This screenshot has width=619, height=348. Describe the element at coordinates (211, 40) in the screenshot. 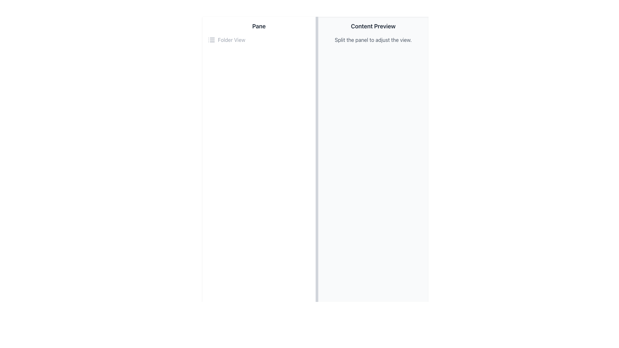

I see `the 'Folder View' icon located on the left panel, next to the text label 'Folder View', at the top portion of the left-side navigation section` at that location.